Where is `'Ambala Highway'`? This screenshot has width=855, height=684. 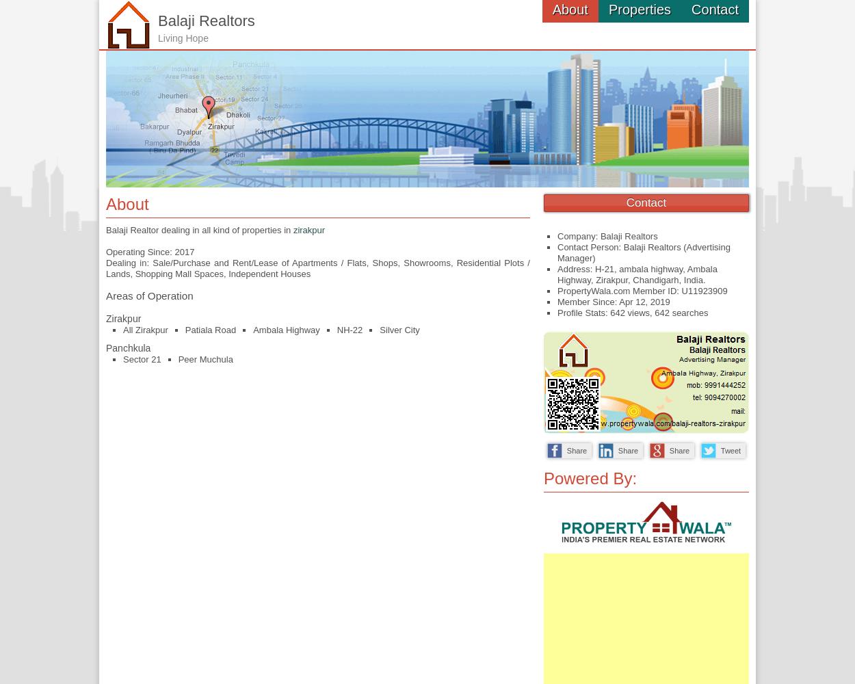
'Ambala Highway' is located at coordinates (286, 328).